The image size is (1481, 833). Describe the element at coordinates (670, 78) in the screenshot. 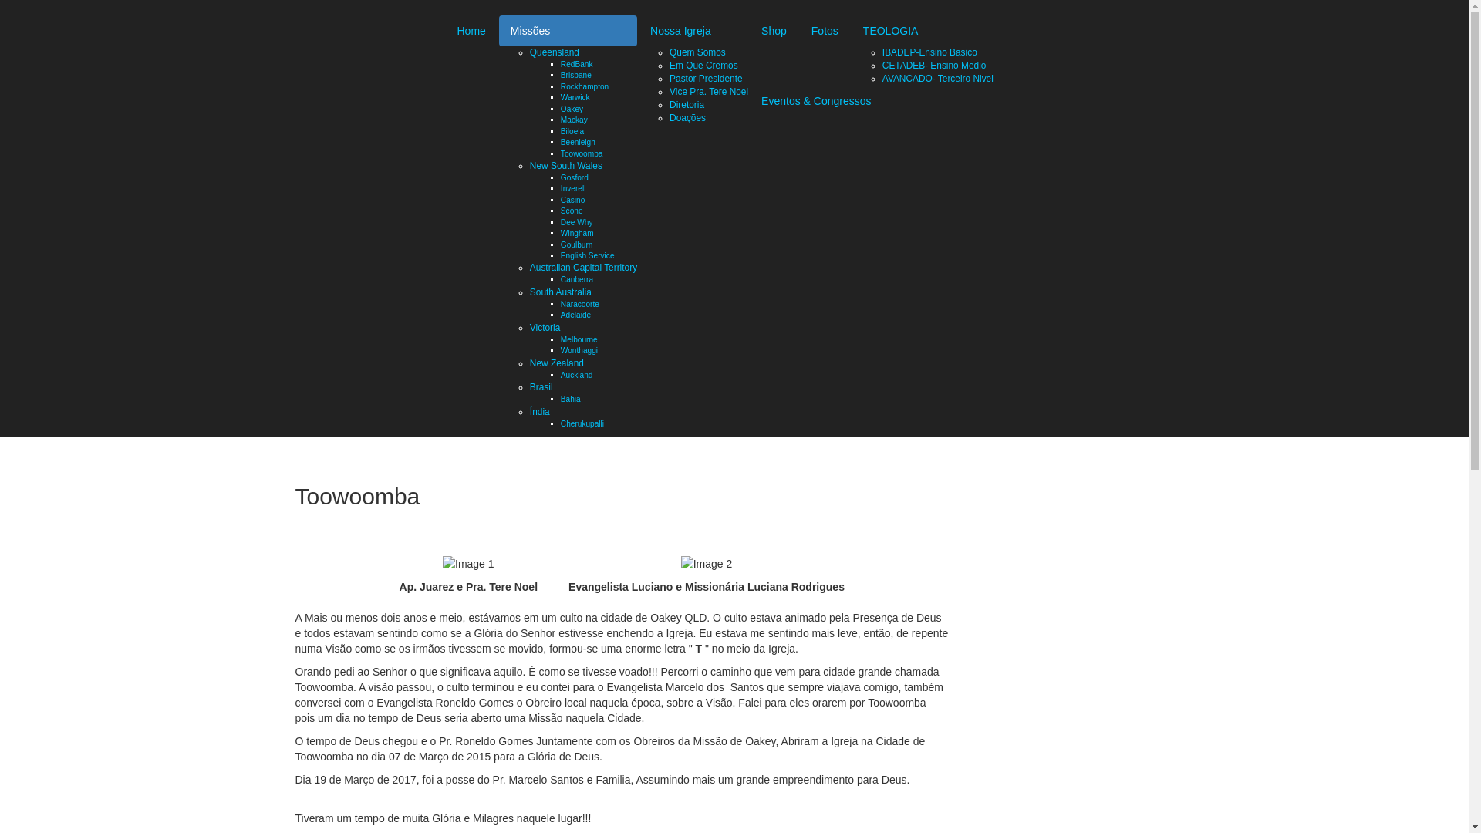

I see `'Pastor Presidente'` at that location.